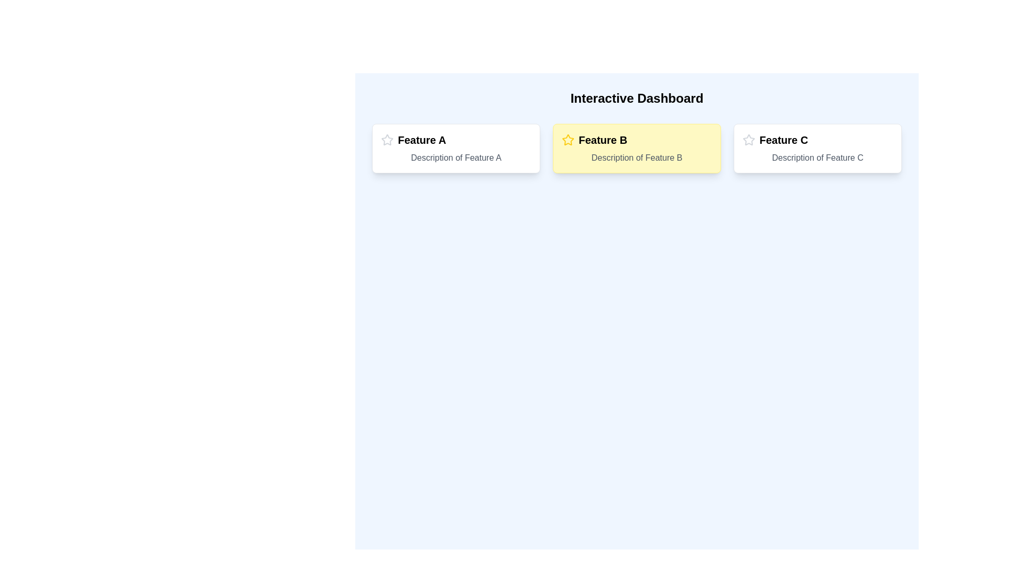  Describe the element at coordinates (568, 140) in the screenshot. I see `the vibrant yellow star icon located at the top-left corner of the 'Feature B' card on the interactive dashboard` at that location.